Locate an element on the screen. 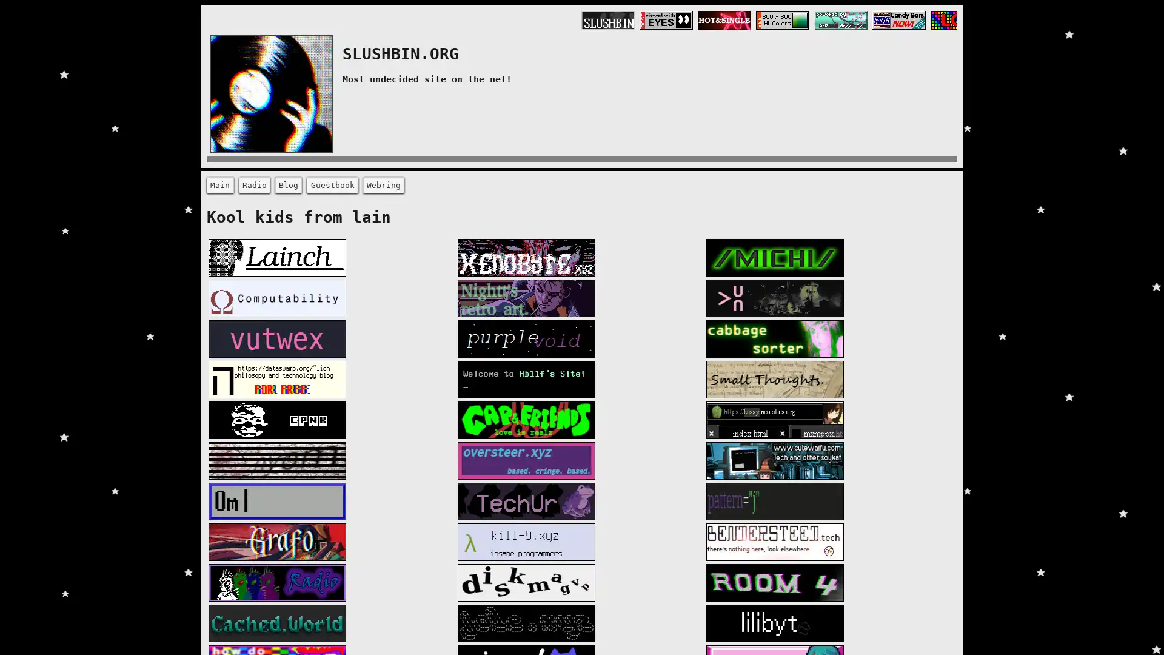 This screenshot has width=1164, height=655. Blog is located at coordinates (287, 185).